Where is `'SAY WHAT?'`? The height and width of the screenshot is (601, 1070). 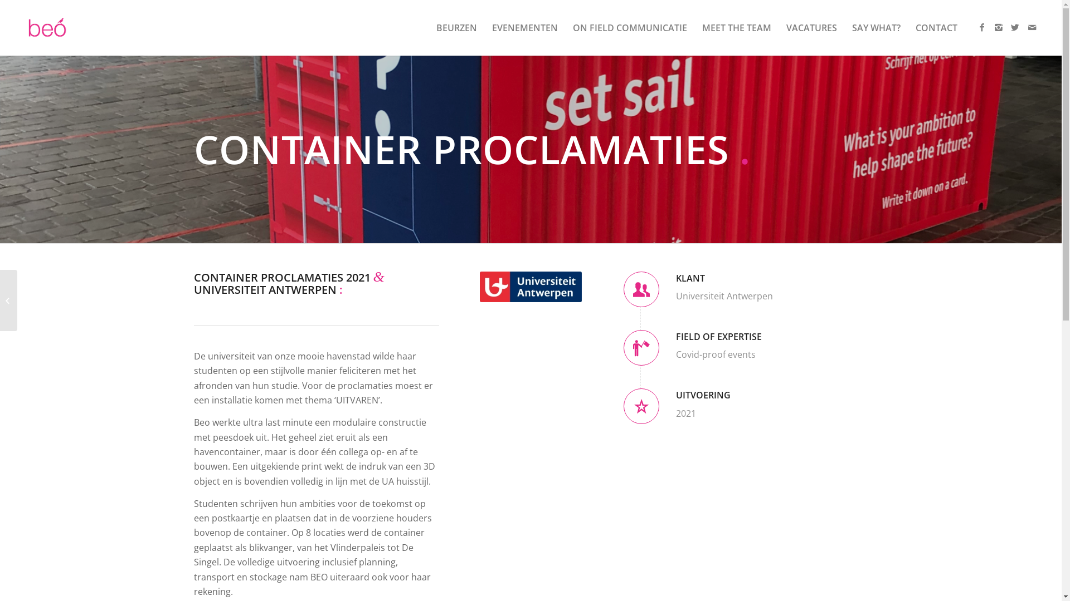 'SAY WHAT?' is located at coordinates (844, 27).